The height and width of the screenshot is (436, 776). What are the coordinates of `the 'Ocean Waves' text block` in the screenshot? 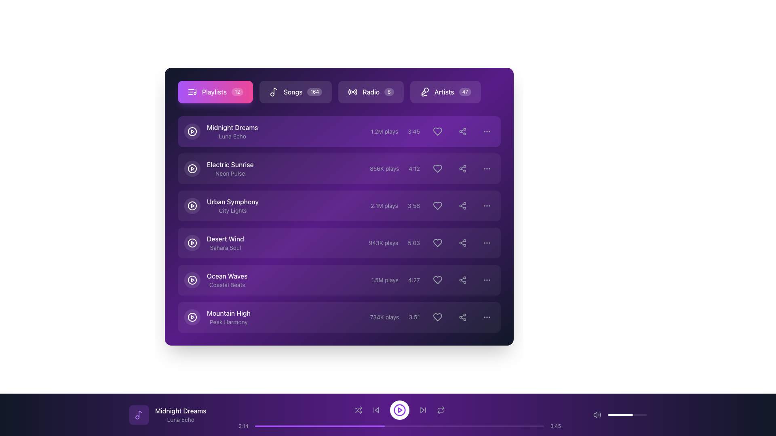 It's located at (227, 280).